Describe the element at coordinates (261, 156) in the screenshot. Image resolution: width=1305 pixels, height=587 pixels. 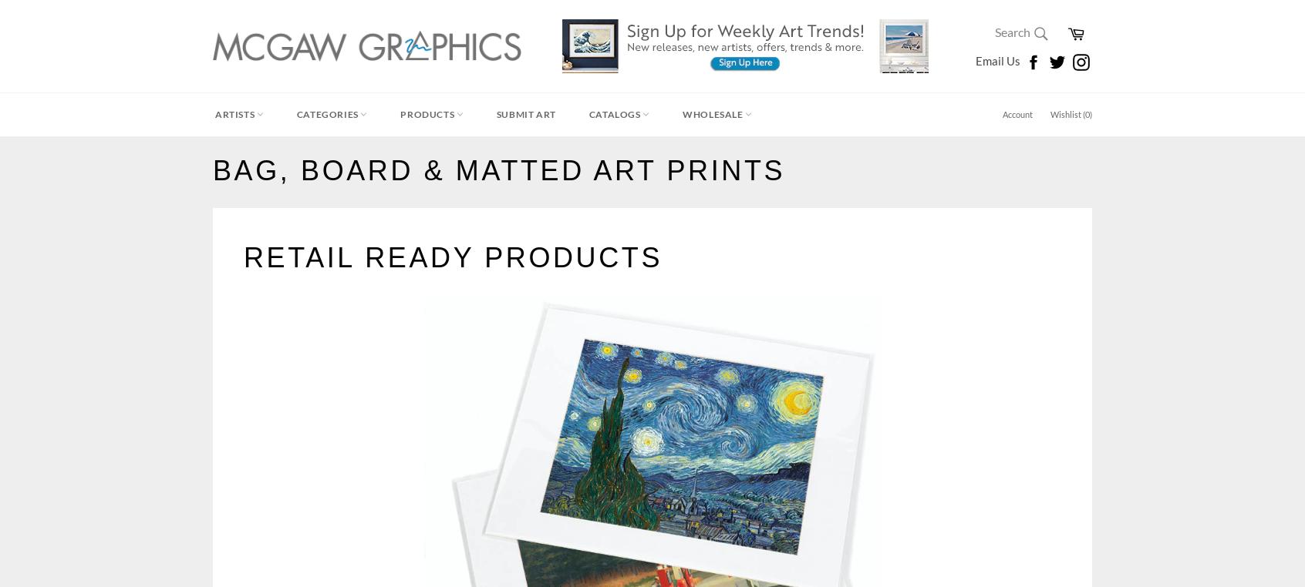
I see `'Dalton Brown, Alice'` at that location.